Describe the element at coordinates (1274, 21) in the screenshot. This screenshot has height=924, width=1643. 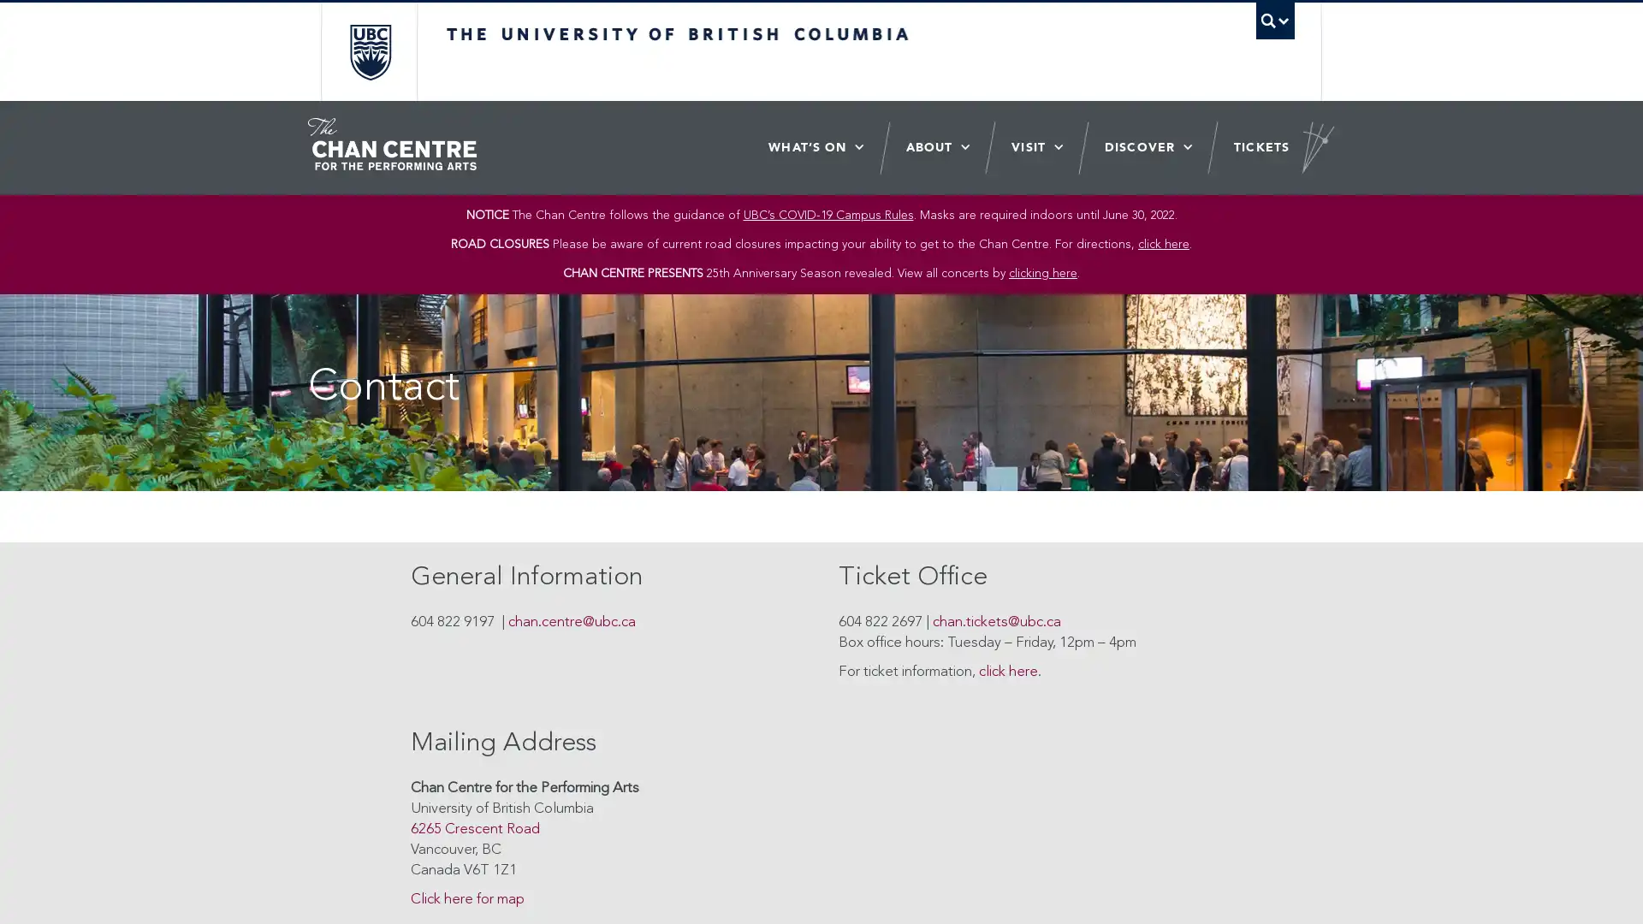
I see `UBC Search` at that location.